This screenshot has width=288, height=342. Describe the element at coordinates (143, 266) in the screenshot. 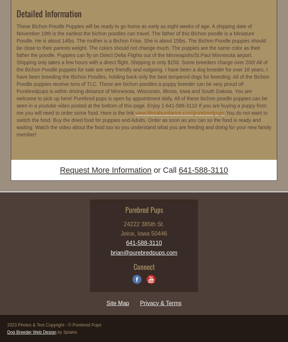

I see `'Connect'` at that location.